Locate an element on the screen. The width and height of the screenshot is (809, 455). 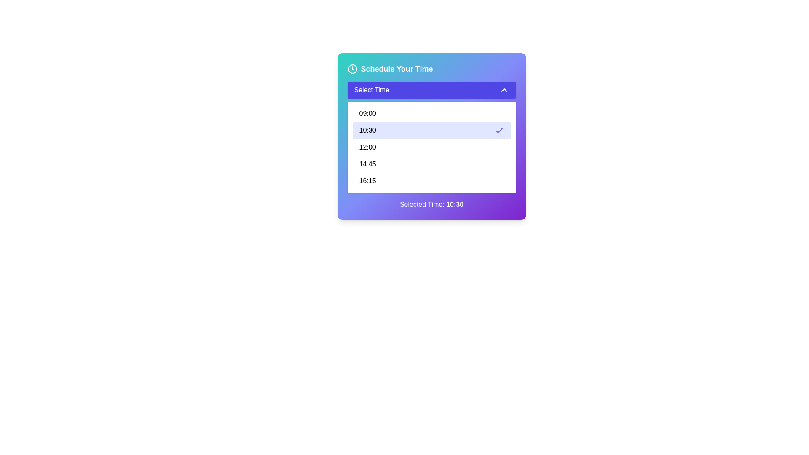
the text label displaying '16:15' located at the bottom of the dropdown menu is located at coordinates (367, 180).